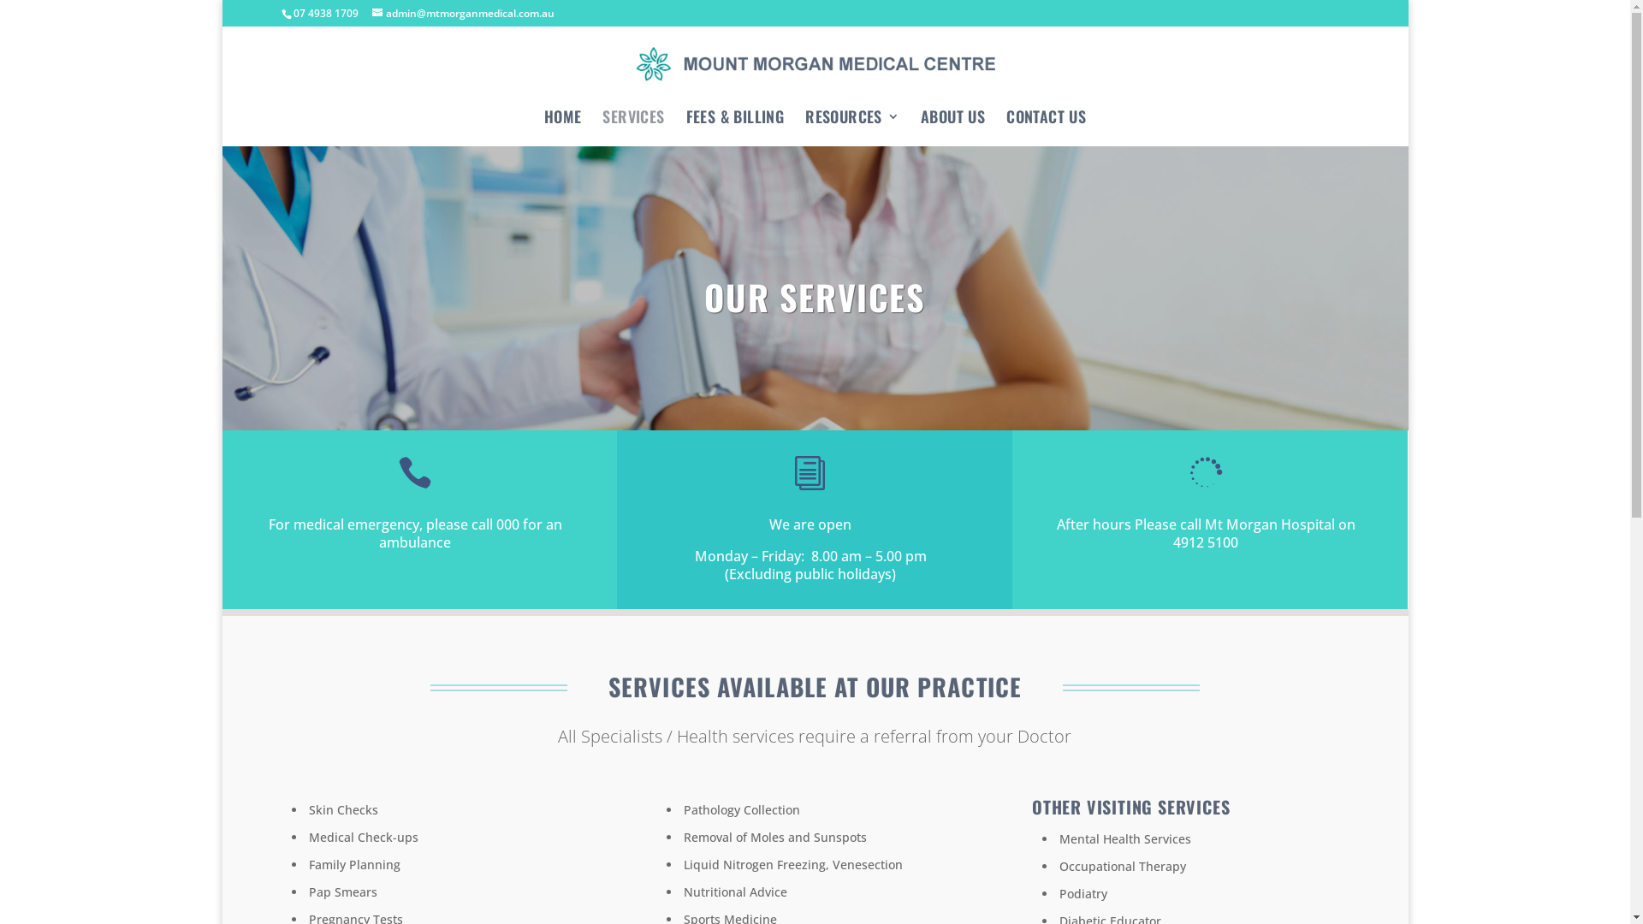  I want to click on 'HOME', so click(562, 121).